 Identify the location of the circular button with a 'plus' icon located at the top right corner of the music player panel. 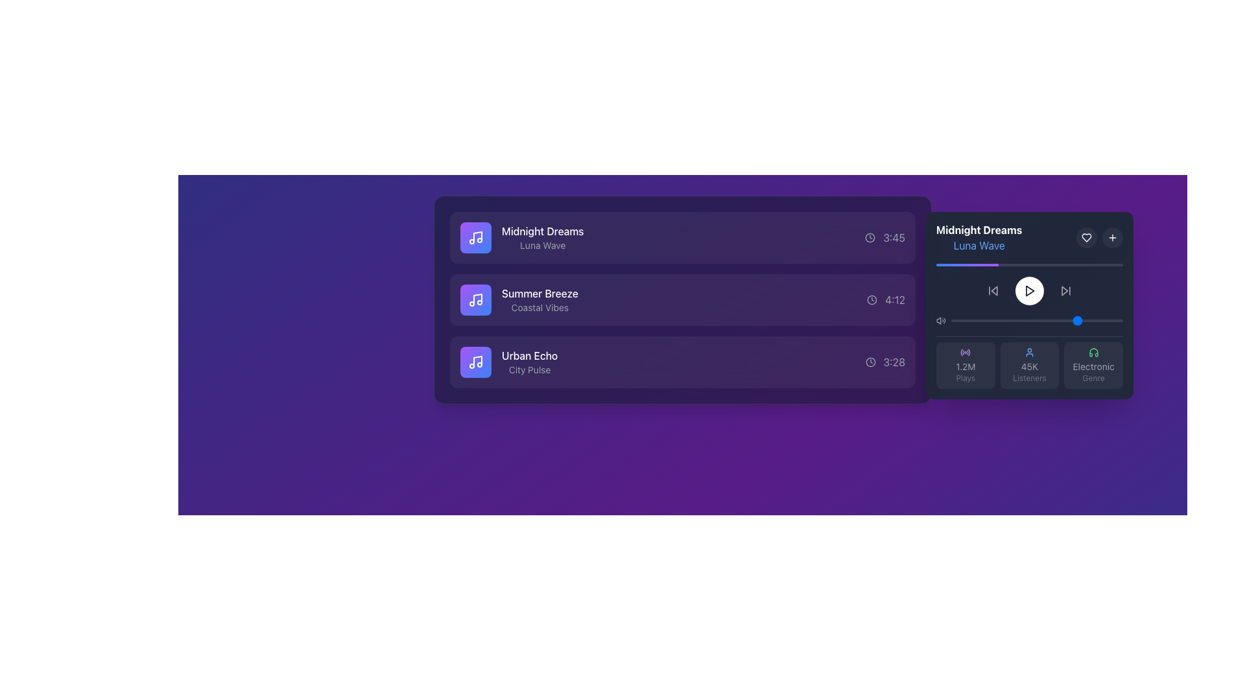
(1112, 237).